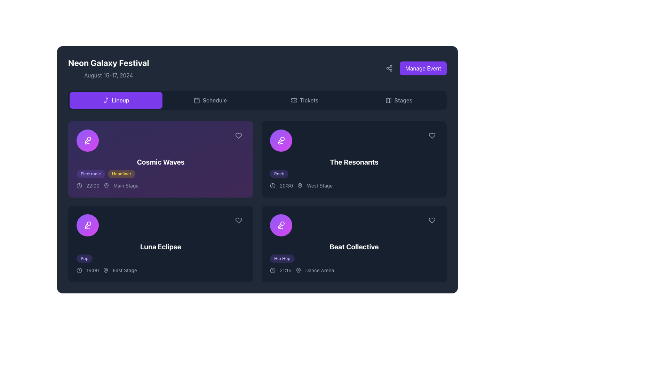 The image size is (668, 375). What do you see at coordinates (319, 185) in the screenshot?
I see `the Text label indicating the location information of the event, which is located in the lower-right quadrant of the application layout, right after a clock icon and a time display ('20:30')` at bounding box center [319, 185].